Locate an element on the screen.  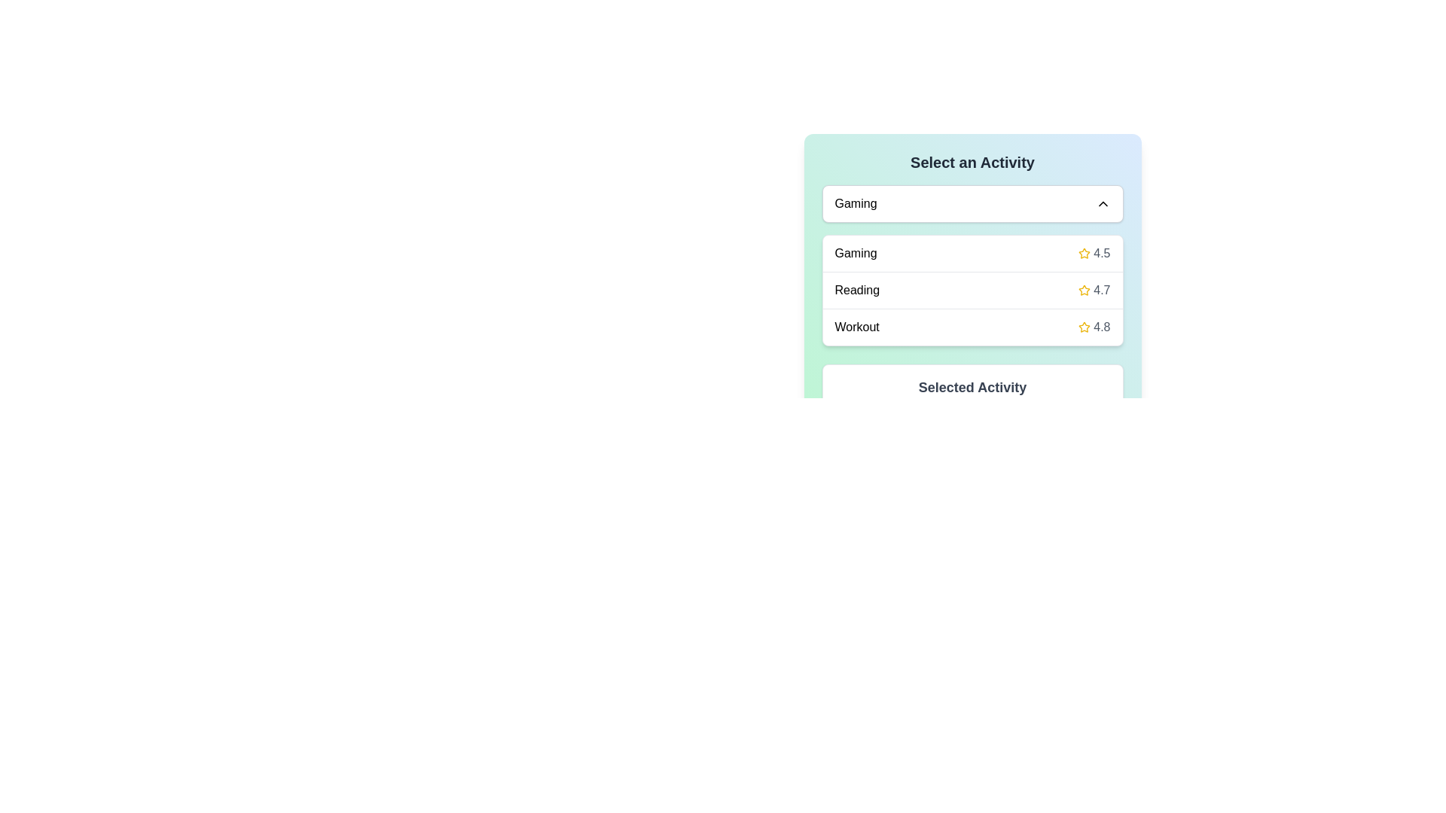
the star-shaped yellow rating icon located to the left of the numeric text '4.8' within the 'Workout' option in the activity selection menu is located at coordinates (1084, 327).